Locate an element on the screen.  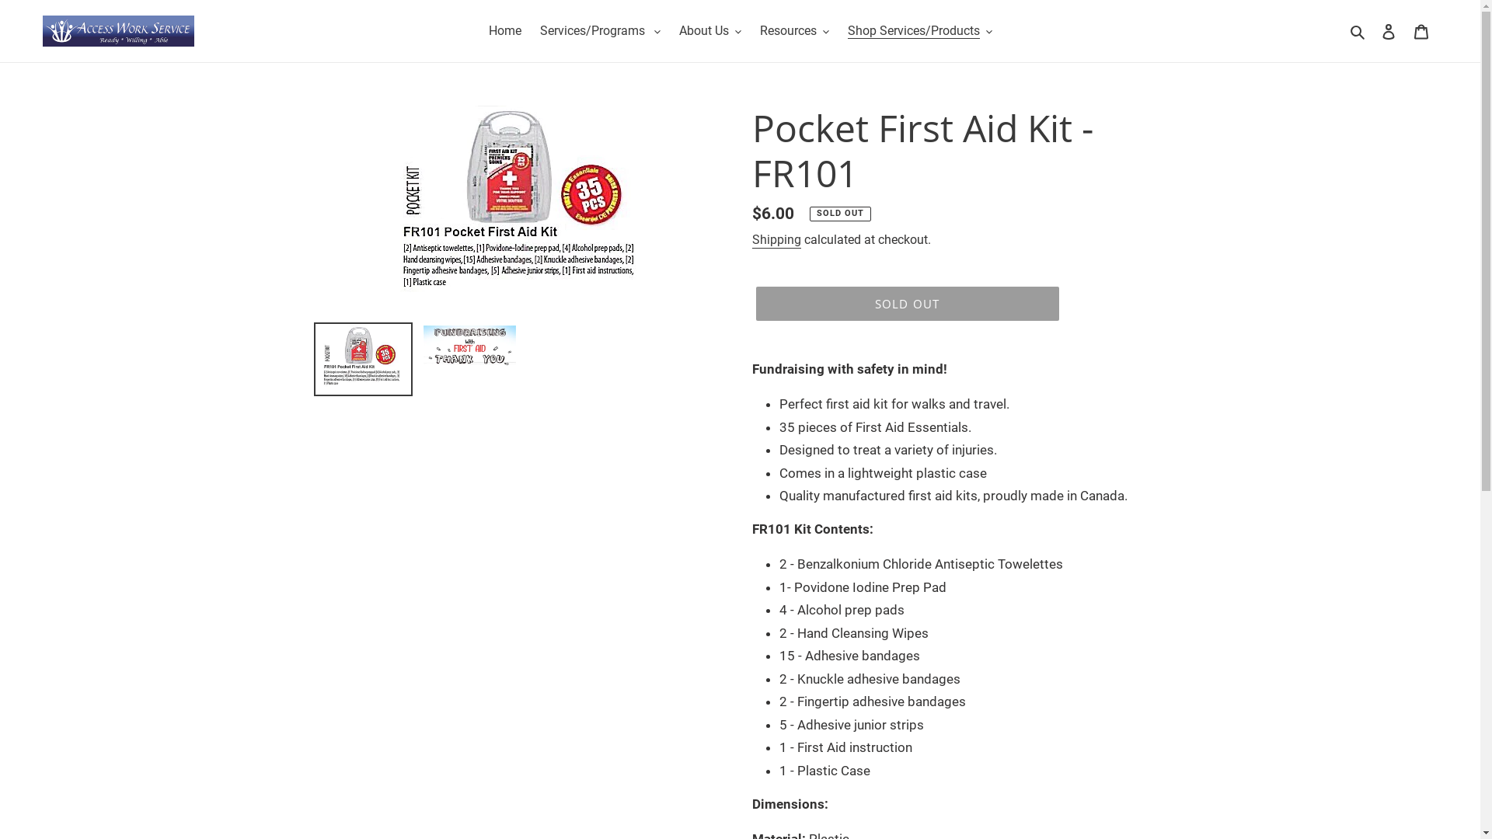
'Shipping' is located at coordinates (752, 240).